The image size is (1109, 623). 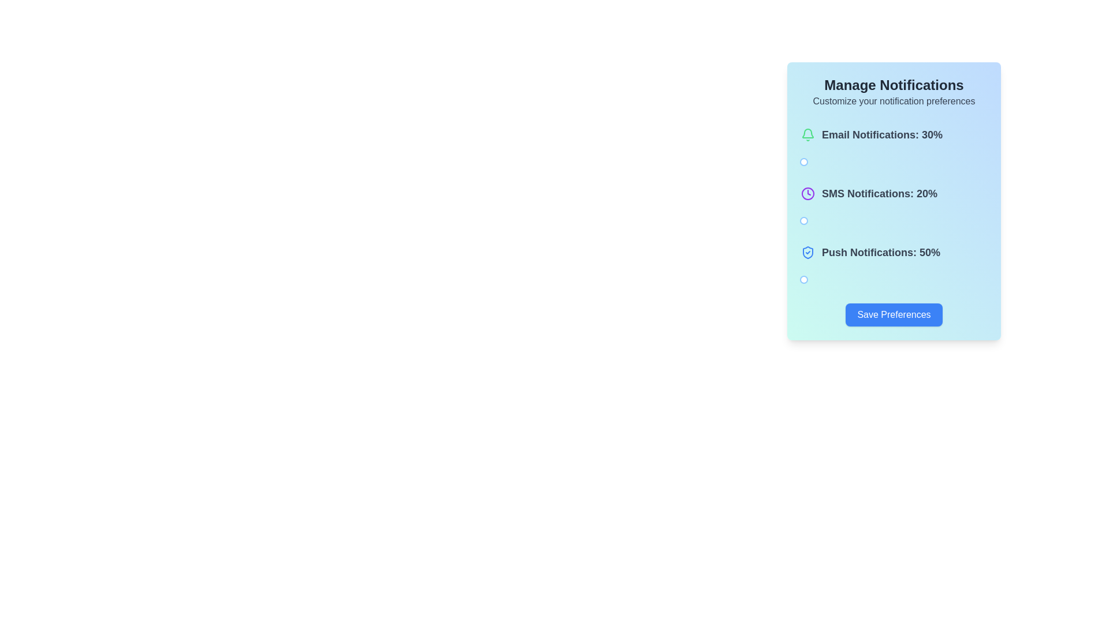 What do you see at coordinates (870, 252) in the screenshot?
I see `the Text Label with Icon displaying 'Push Notifications: 50%' which is the third element in the vertical list under 'Manage Notifications'` at bounding box center [870, 252].